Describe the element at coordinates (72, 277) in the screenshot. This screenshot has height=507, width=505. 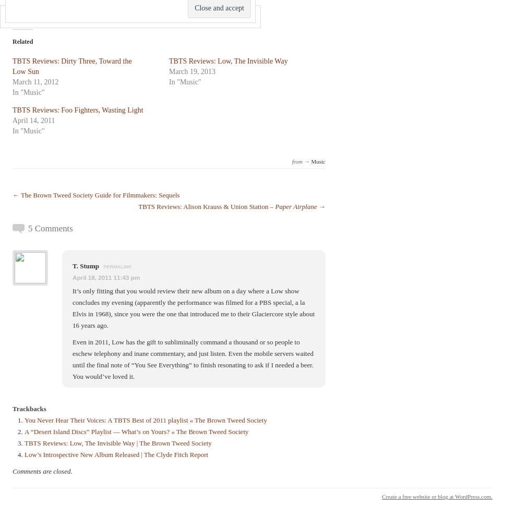
I see `'April 18, 2011 11:43 pm'` at that location.